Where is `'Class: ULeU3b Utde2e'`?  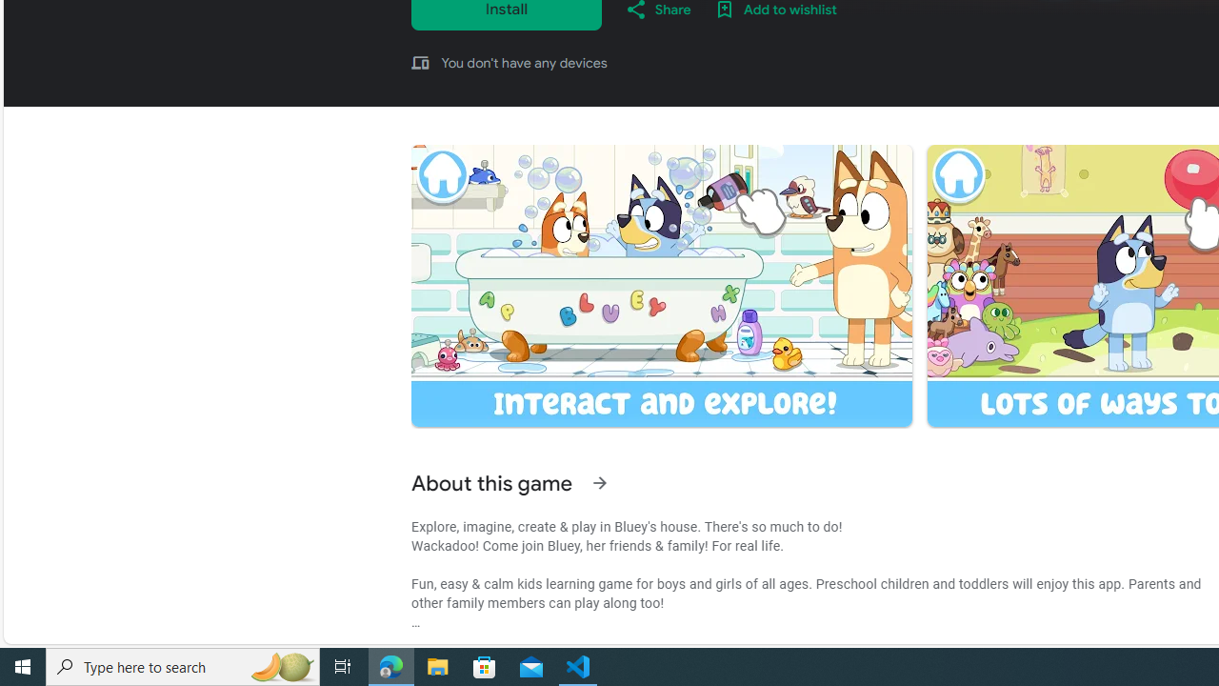
'Class: ULeU3b Utde2e' is located at coordinates (661, 286).